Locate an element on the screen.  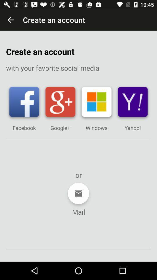
the icon above the create an account is located at coordinates (10, 20).